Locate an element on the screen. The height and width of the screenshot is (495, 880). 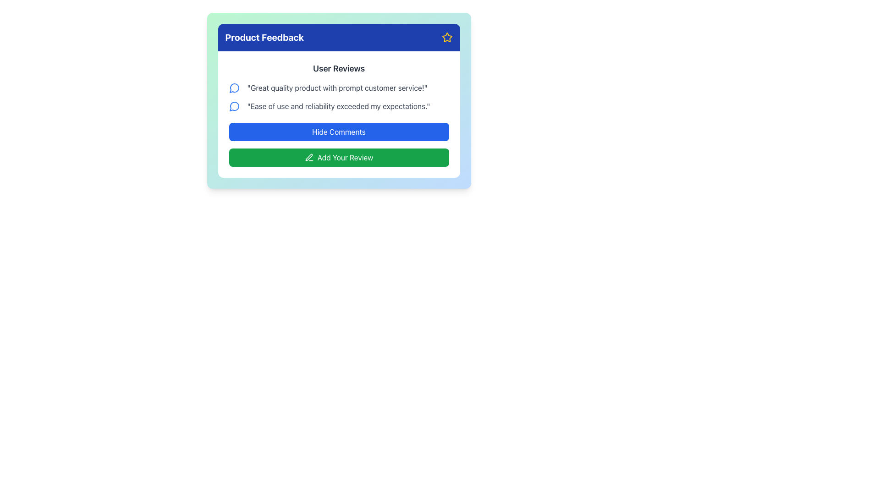
the pen-line icon located to the left of the 'Add Your Review' button is located at coordinates (309, 157).